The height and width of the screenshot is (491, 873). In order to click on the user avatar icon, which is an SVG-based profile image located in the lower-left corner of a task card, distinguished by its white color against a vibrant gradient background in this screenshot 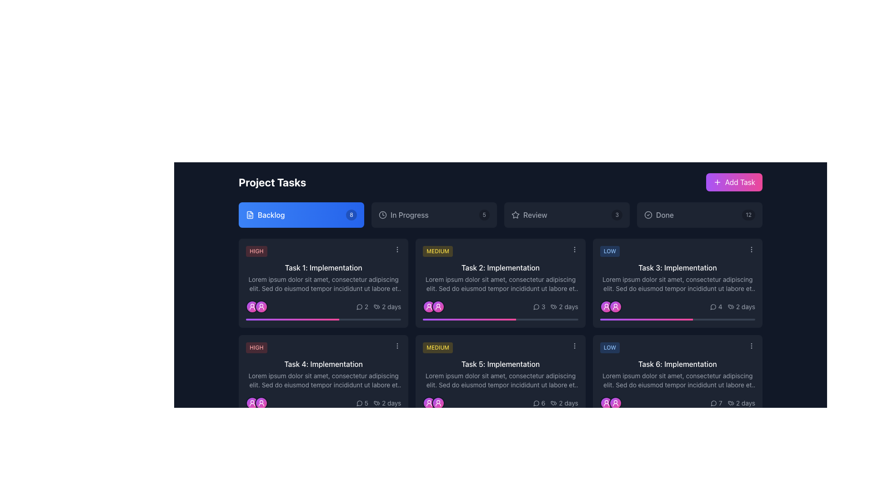, I will do `click(252, 403)`.